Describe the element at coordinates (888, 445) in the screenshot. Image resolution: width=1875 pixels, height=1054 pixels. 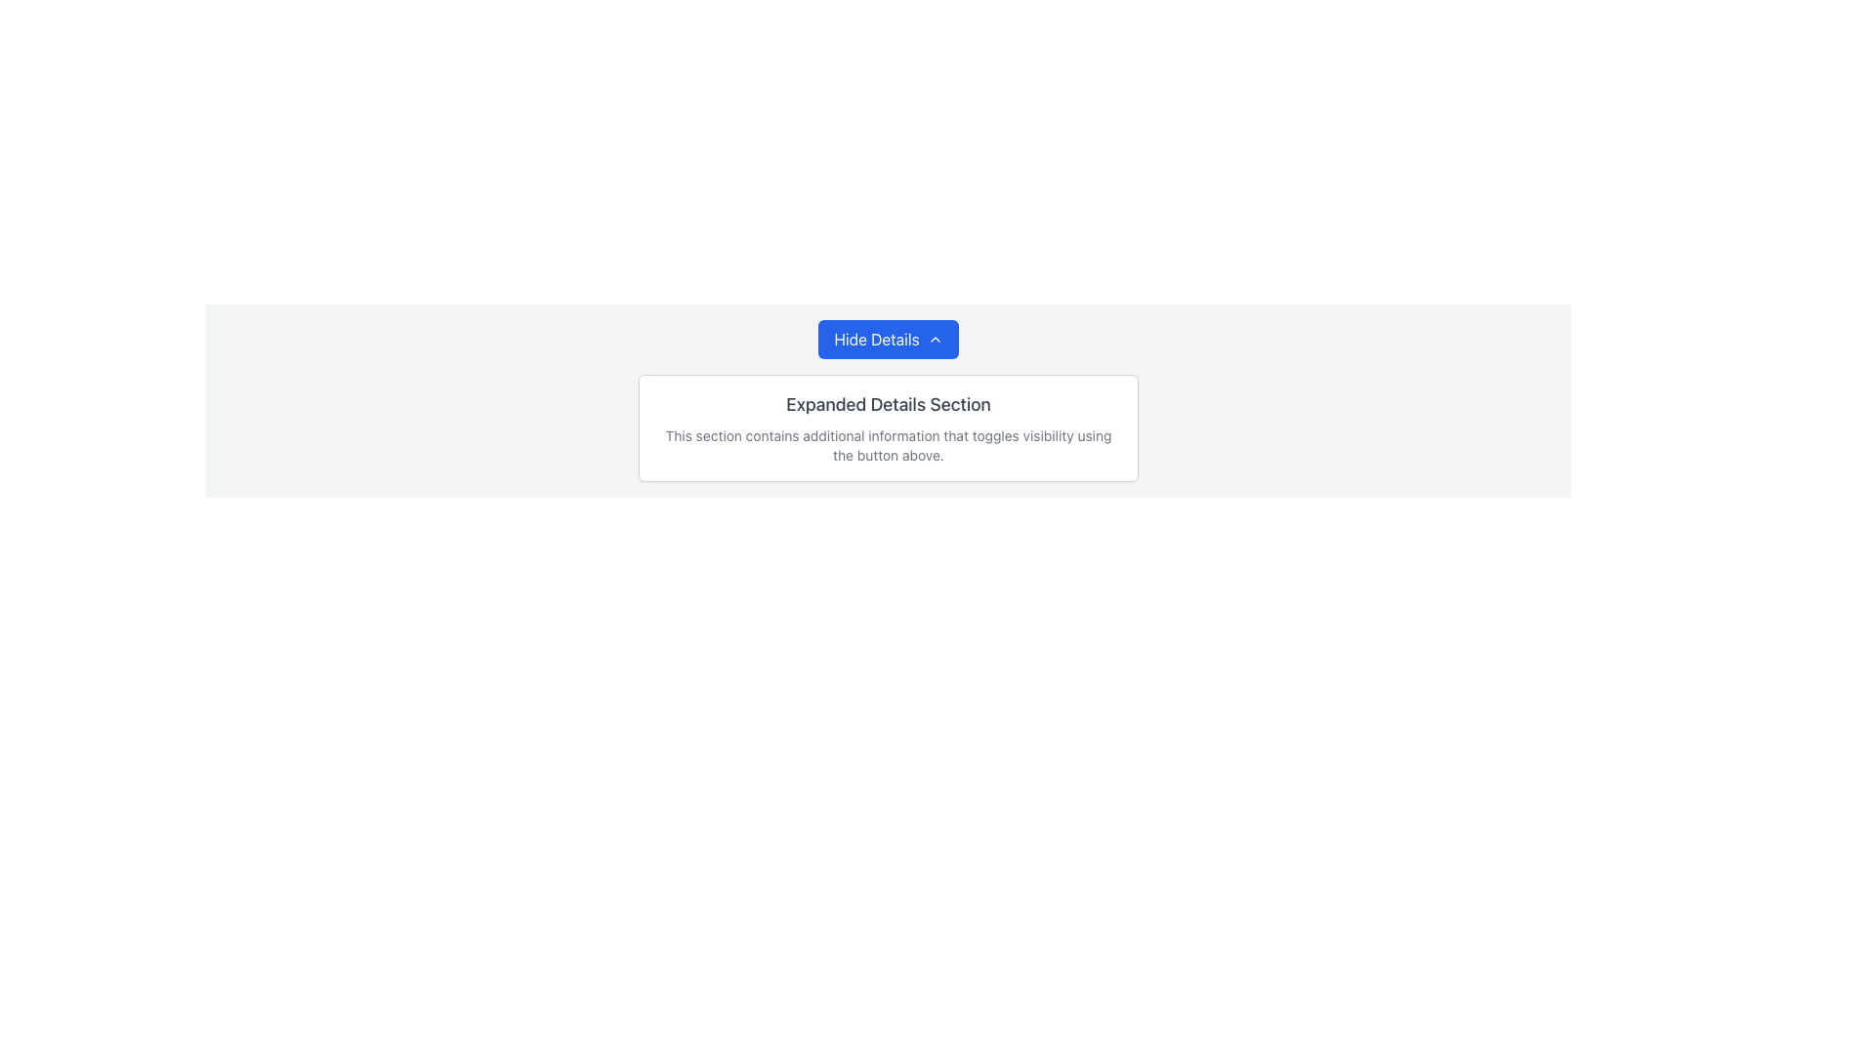
I see `the static text label providing descriptive text about the visibility toggling functionality located in the 'Expanded Details Section'` at that location.